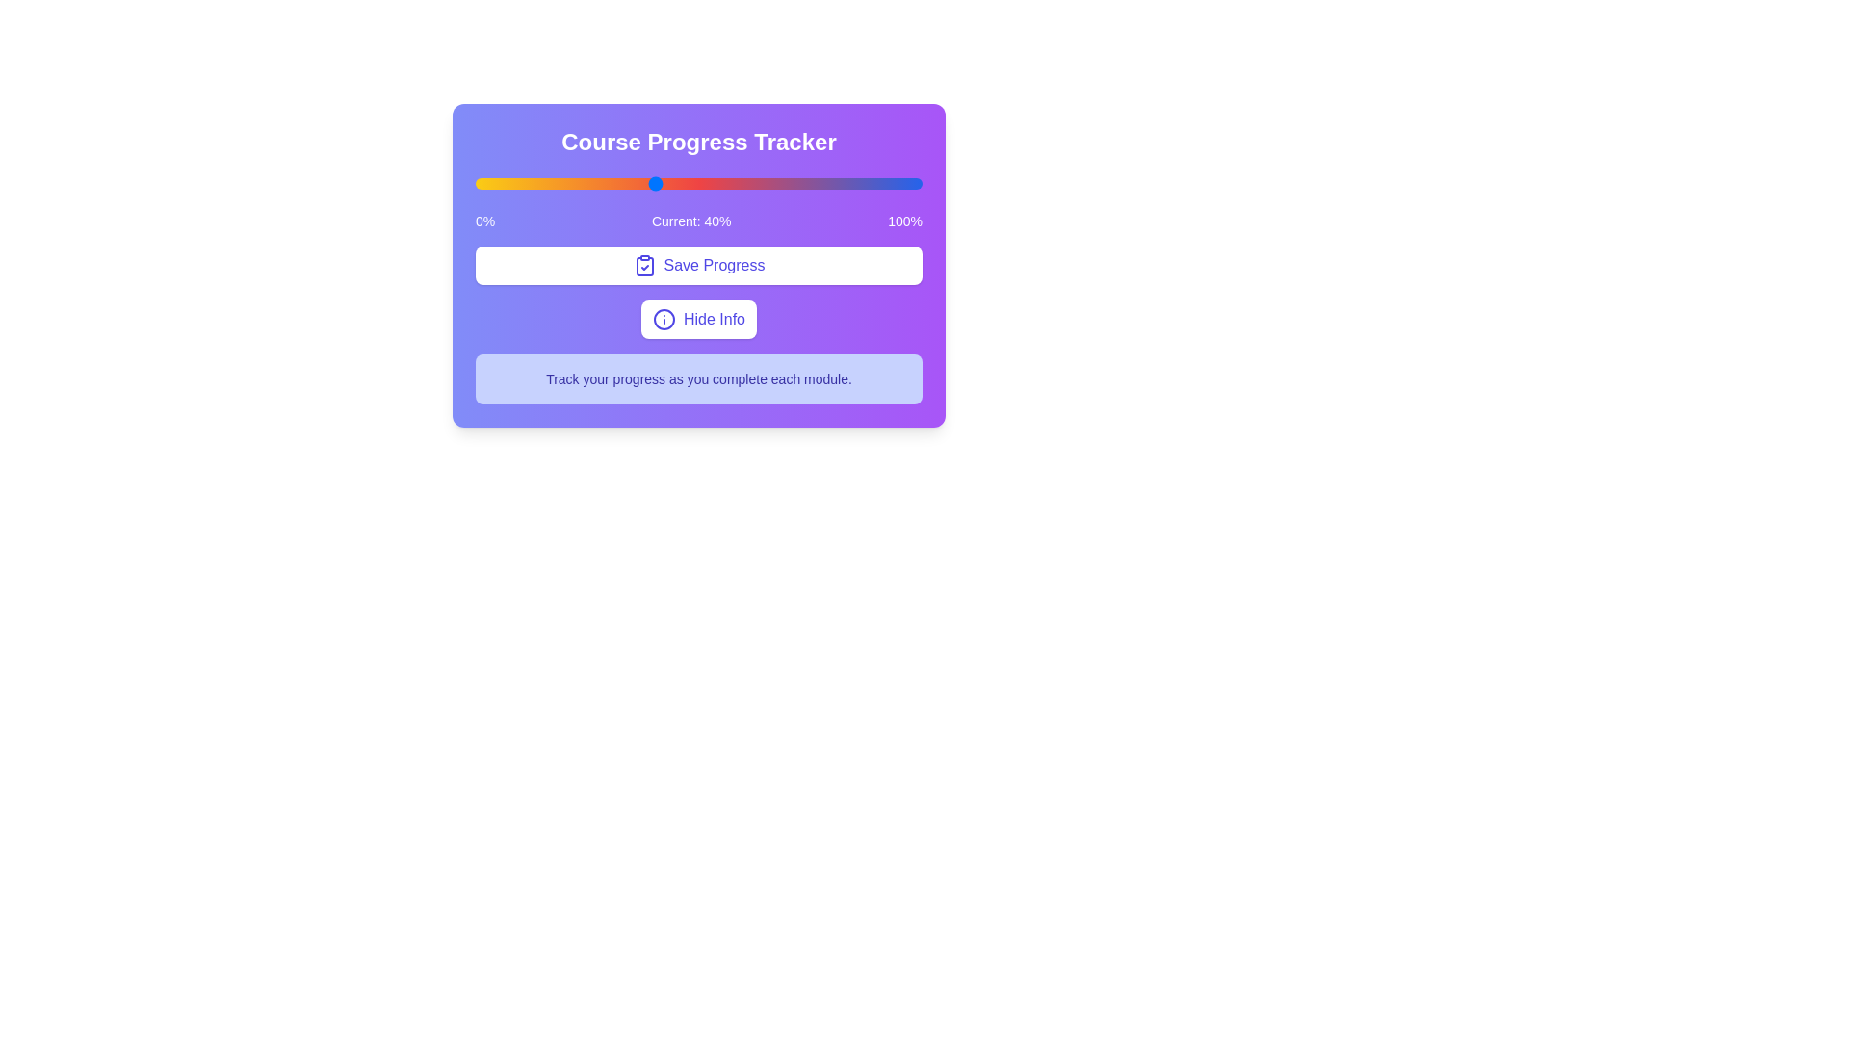 The image size is (1849, 1040). What do you see at coordinates (515, 184) in the screenshot?
I see `the course progress` at bounding box center [515, 184].